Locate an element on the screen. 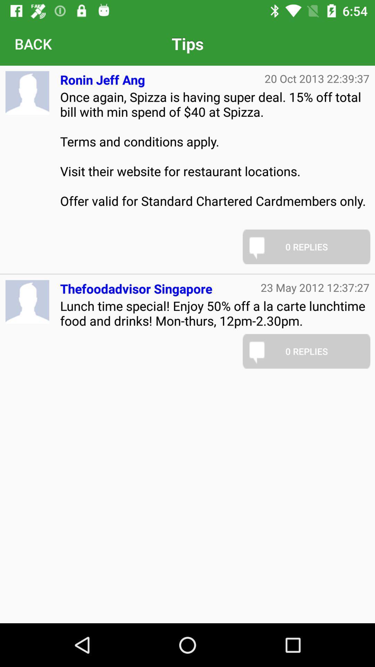 This screenshot has height=667, width=375. the item above the 0 replies icon is located at coordinates (214, 156).